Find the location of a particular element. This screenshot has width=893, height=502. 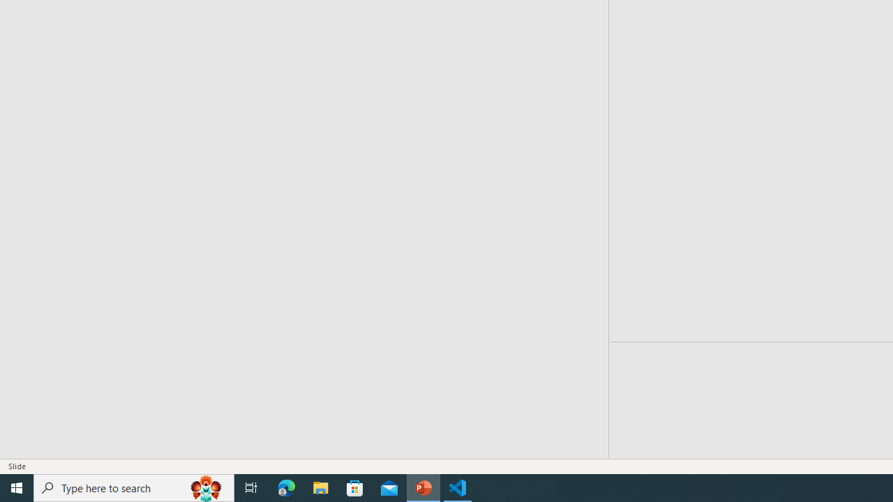

'Task View' is located at coordinates (250, 487).